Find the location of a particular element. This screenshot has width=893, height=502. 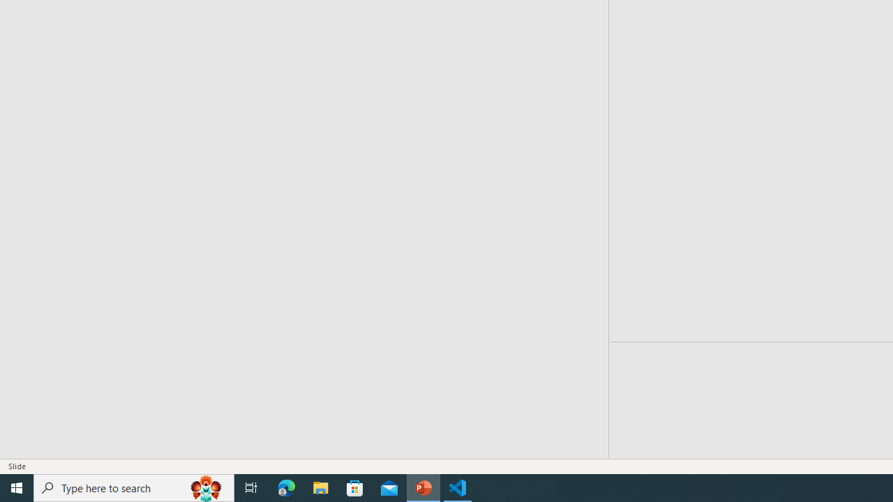

'Task View' is located at coordinates (250, 487).